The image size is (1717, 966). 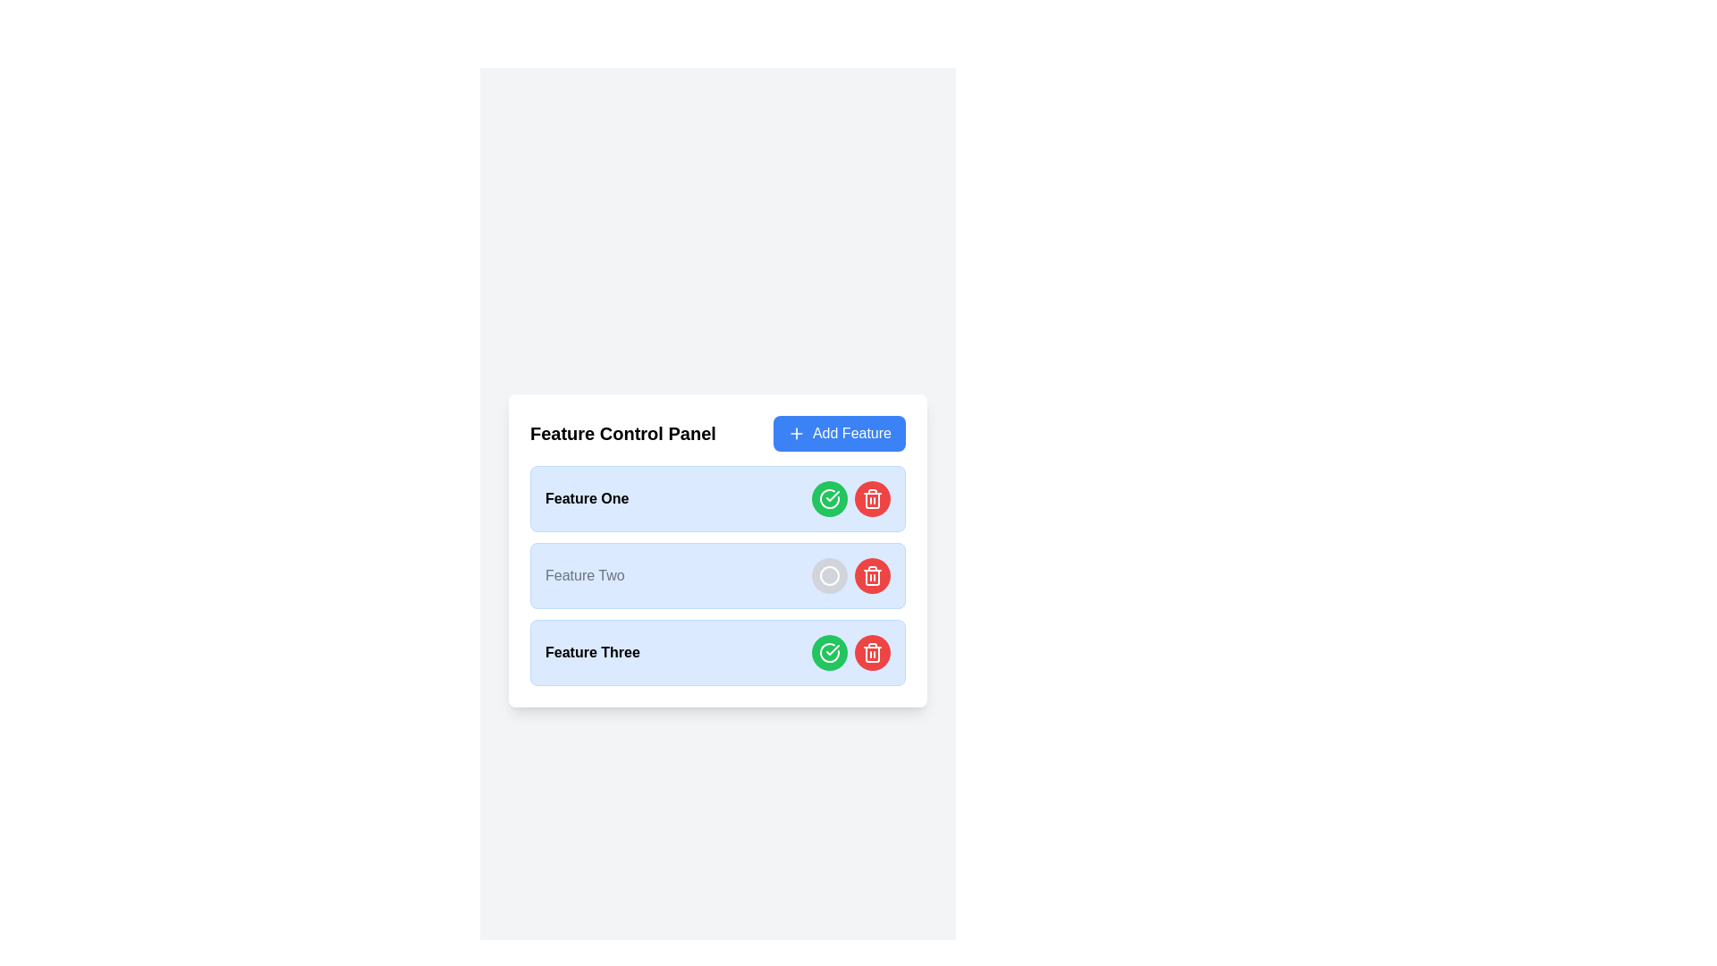 I want to click on the circular button with a green background and white checkmark icon, located in the third row of 'Feature Three', for tooltip or visual feedback, so click(x=828, y=652).